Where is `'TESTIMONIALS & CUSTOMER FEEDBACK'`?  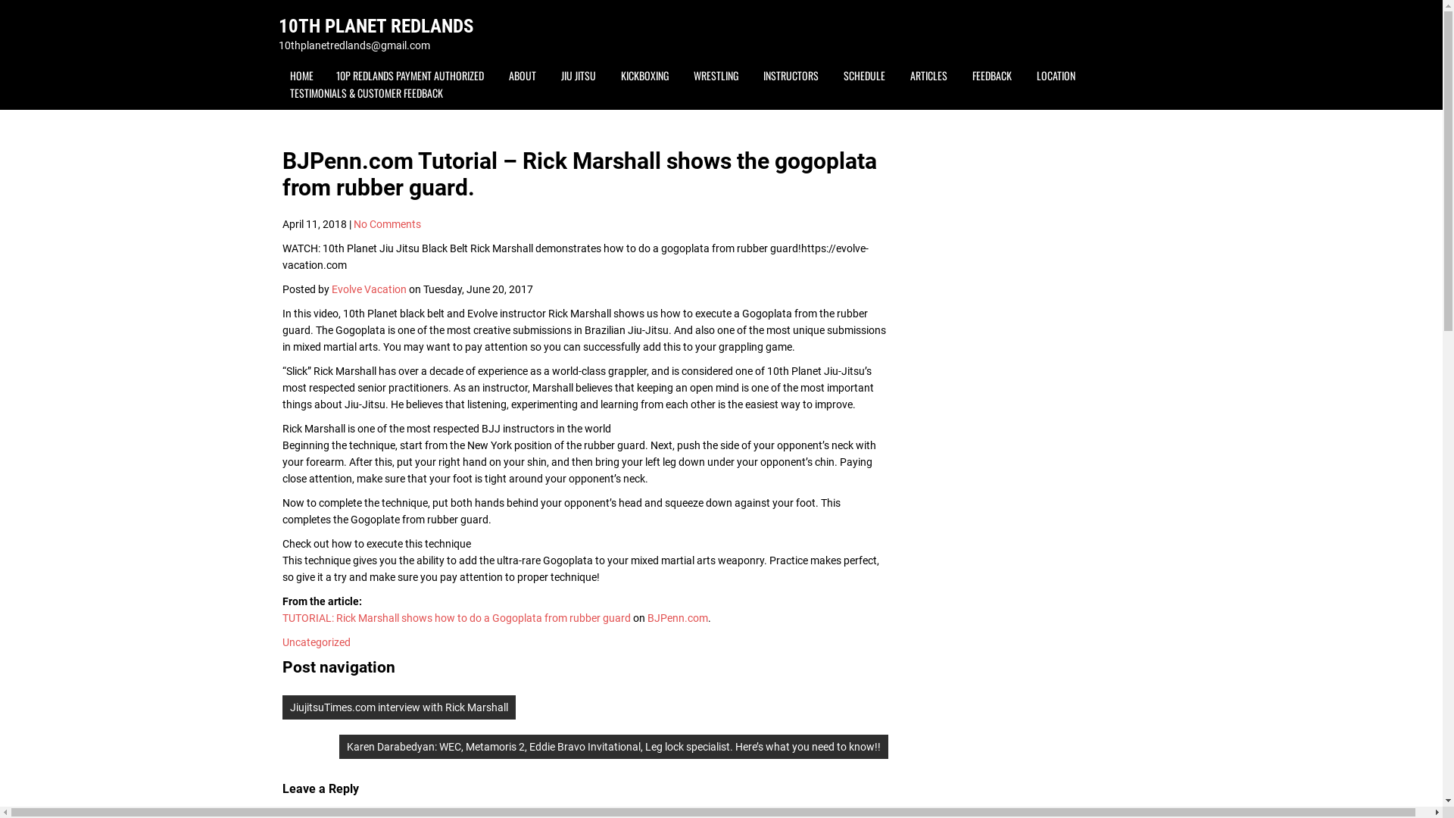
'TESTIMONIALS & CUSTOMER FEEDBACK' is located at coordinates (367, 92).